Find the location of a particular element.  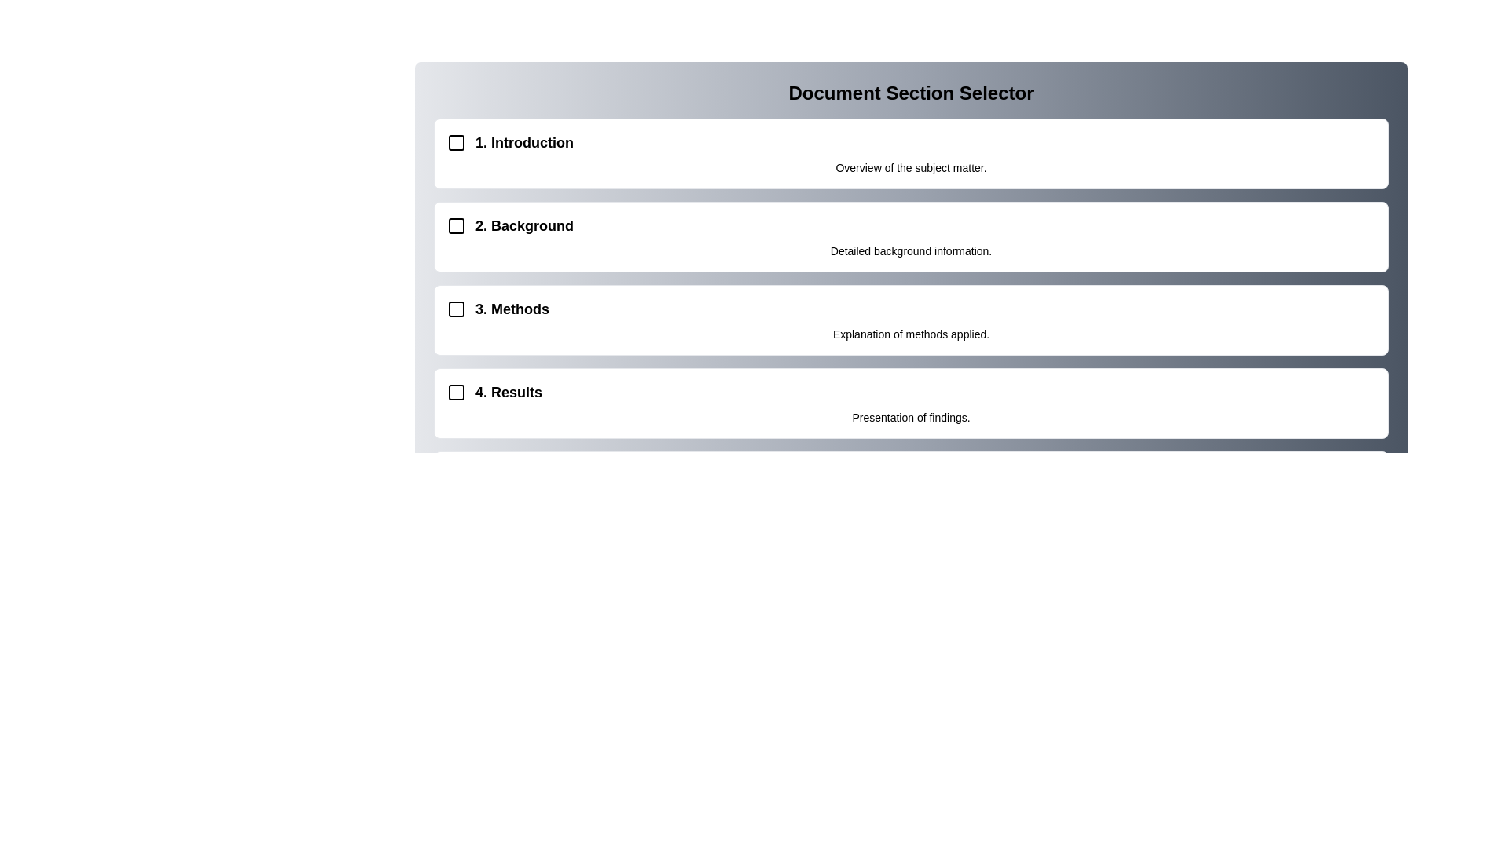

the section card labeled 'Results' to view its content is located at coordinates (911, 402).